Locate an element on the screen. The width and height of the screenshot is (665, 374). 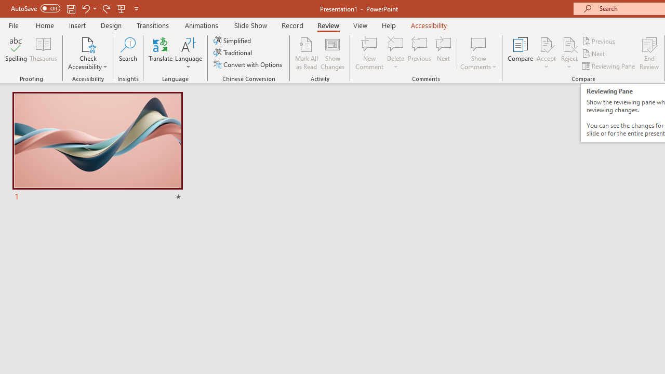
'Thesaurus...' is located at coordinates (43, 54).